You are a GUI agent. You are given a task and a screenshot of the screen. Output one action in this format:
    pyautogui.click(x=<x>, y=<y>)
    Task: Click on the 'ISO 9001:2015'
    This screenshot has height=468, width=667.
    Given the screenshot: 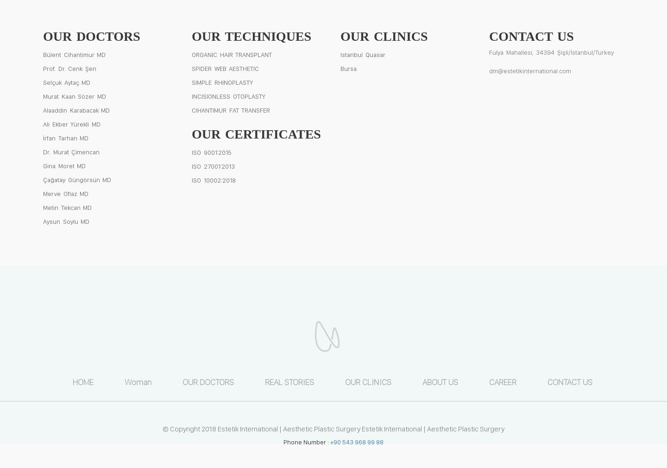 What is the action you would take?
    pyautogui.click(x=211, y=152)
    